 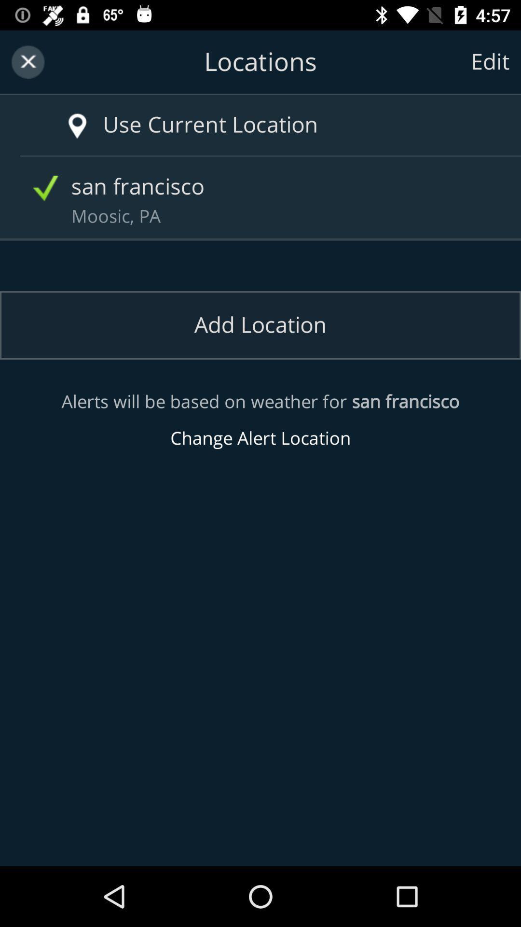 What do you see at coordinates (490, 61) in the screenshot?
I see `edit item` at bounding box center [490, 61].